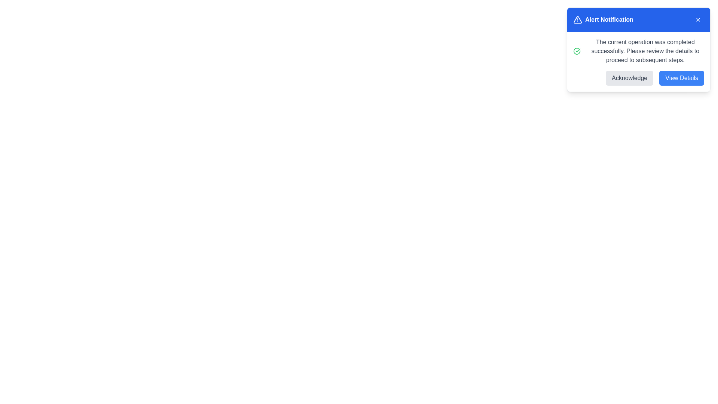 This screenshot has width=718, height=404. What do you see at coordinates (638, 78) in the screenshot?
I see `the button group consisting of 'Acknowledge' with a light gray background and 'View Details' with a blue background located at the bottom-right of the alert notification panel` at bounding box center [638, 78].